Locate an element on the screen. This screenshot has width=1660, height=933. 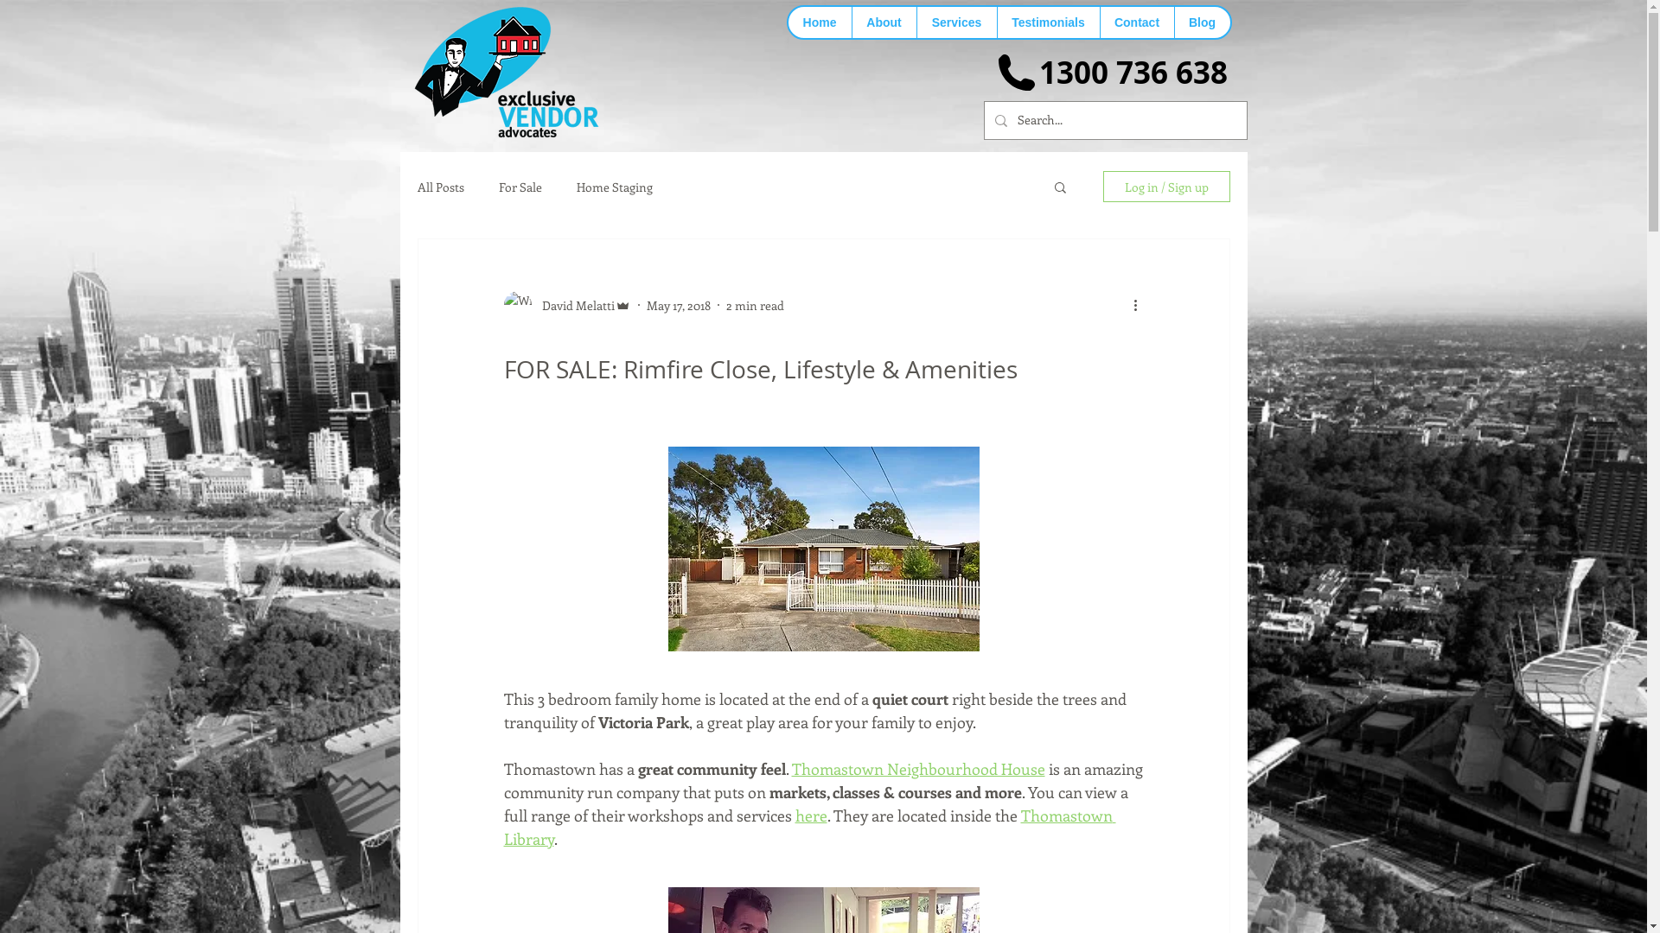
'For Sale' is located at coordinates (518, 186).